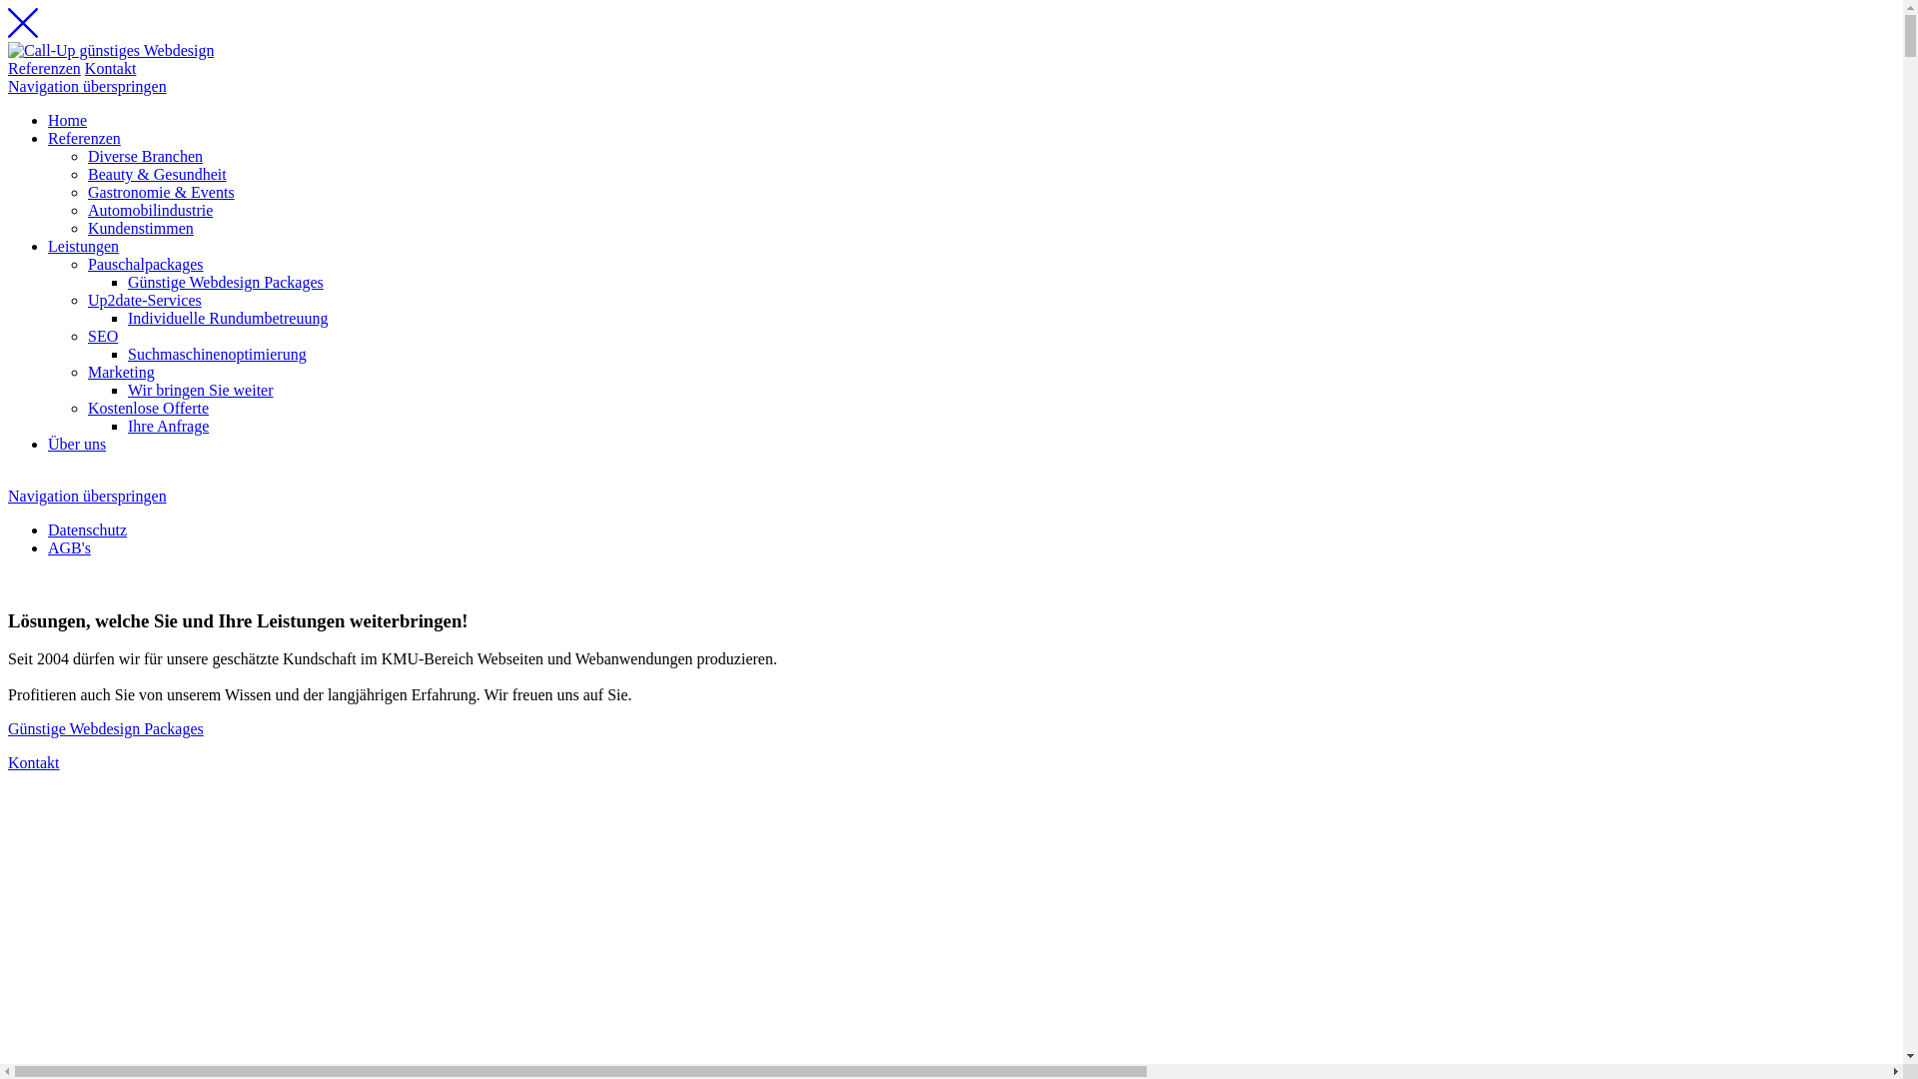 This screenshot has width=1918, height=1079. I want to click on 'Automobilindustrie', so click(149, 210).